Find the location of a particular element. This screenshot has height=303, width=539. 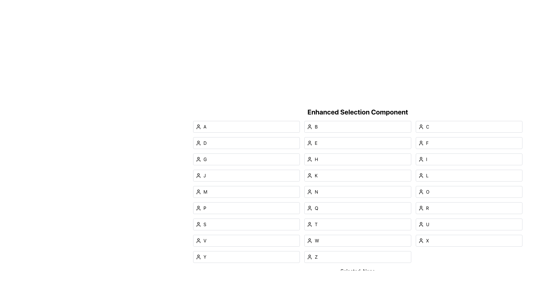

the user silhouette icon within the 'Y' button located in the bottom left corner of the 'Enhanced Selection Component' grid is located at coordinates (198, 257).